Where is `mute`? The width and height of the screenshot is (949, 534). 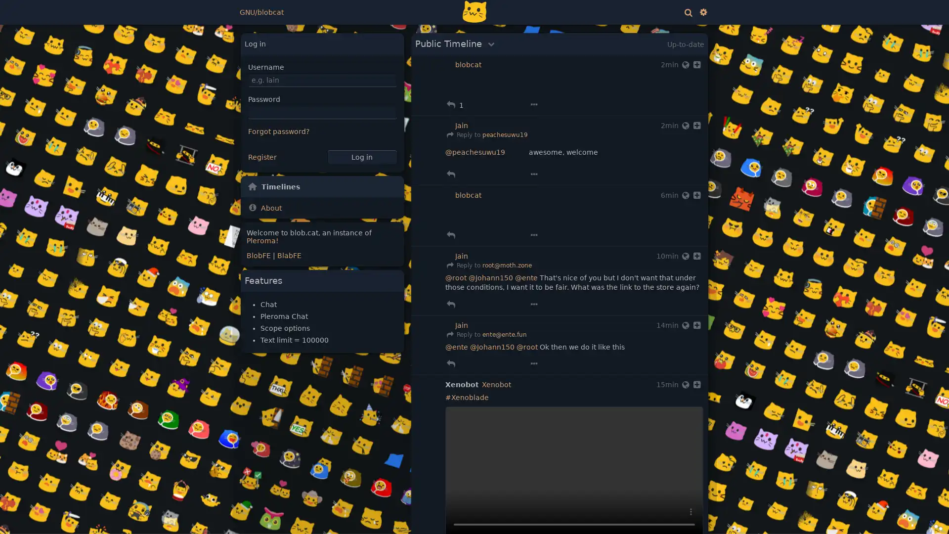 mute is located at coordinates (643, 511).